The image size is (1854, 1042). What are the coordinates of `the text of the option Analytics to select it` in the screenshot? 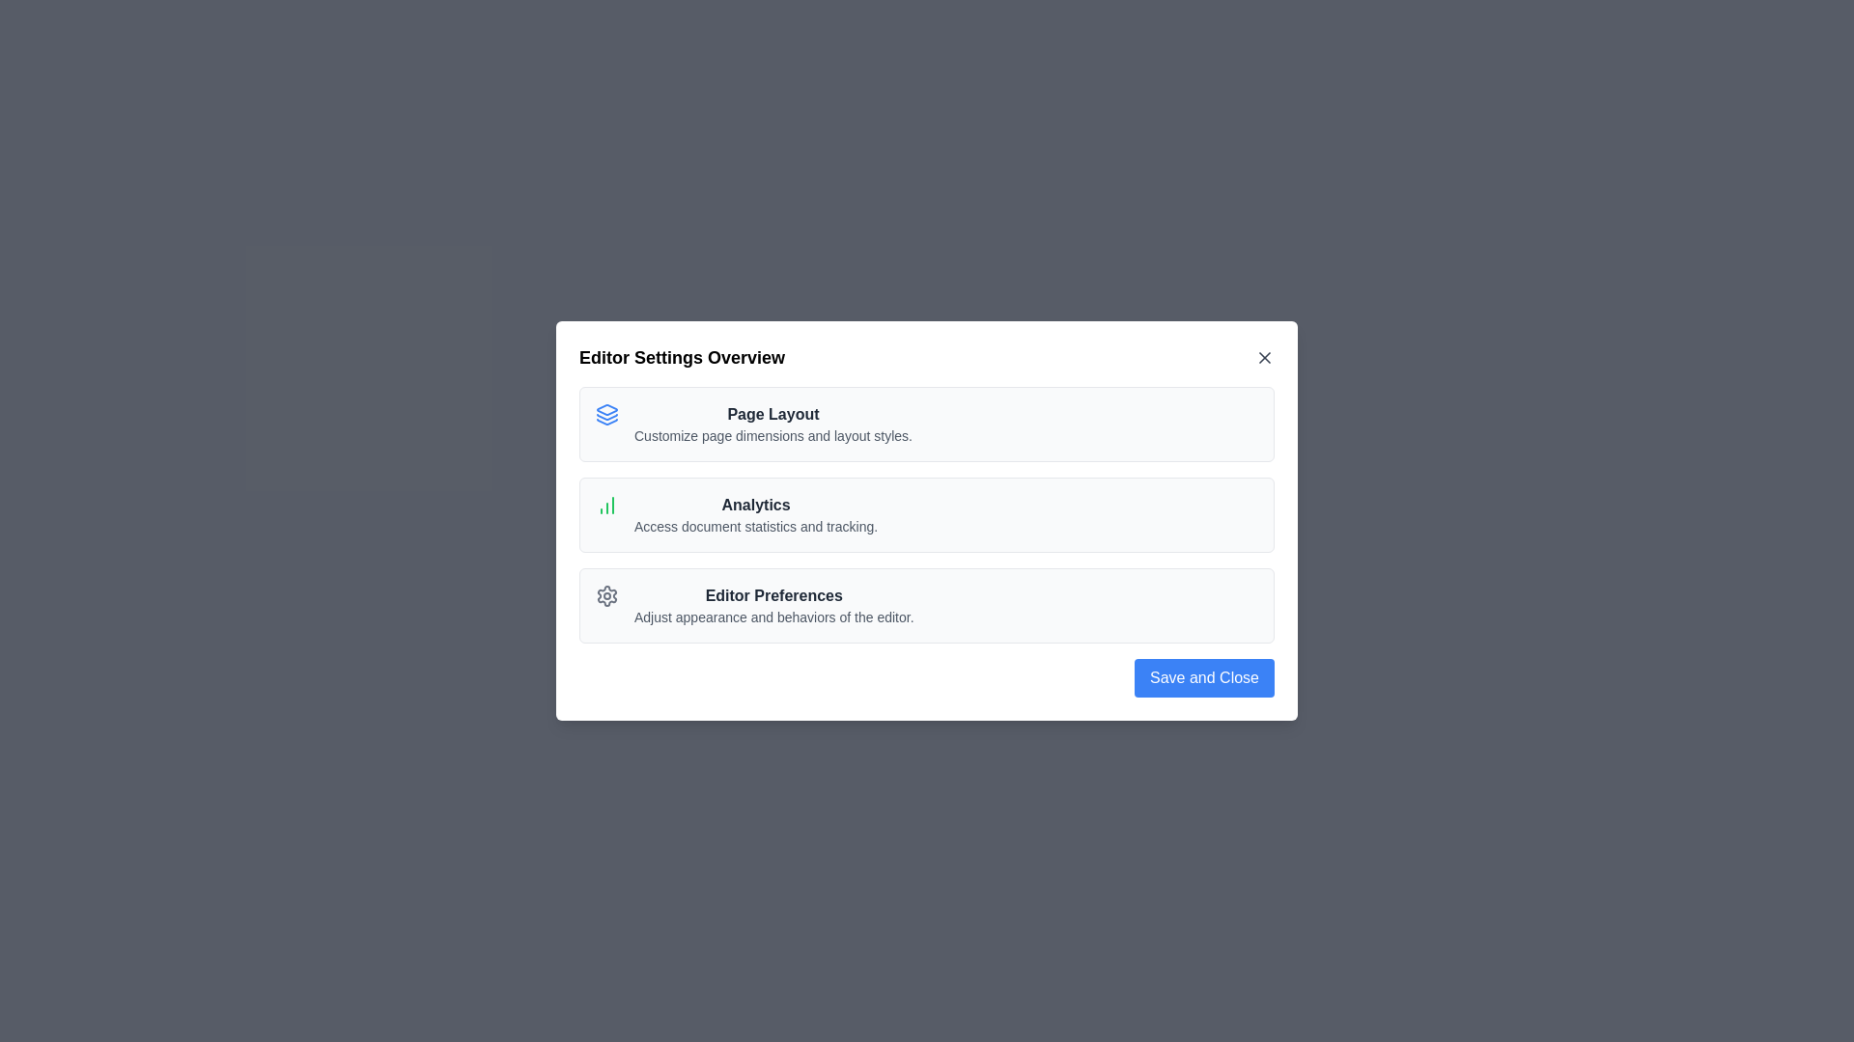 It's located at (772, 505).